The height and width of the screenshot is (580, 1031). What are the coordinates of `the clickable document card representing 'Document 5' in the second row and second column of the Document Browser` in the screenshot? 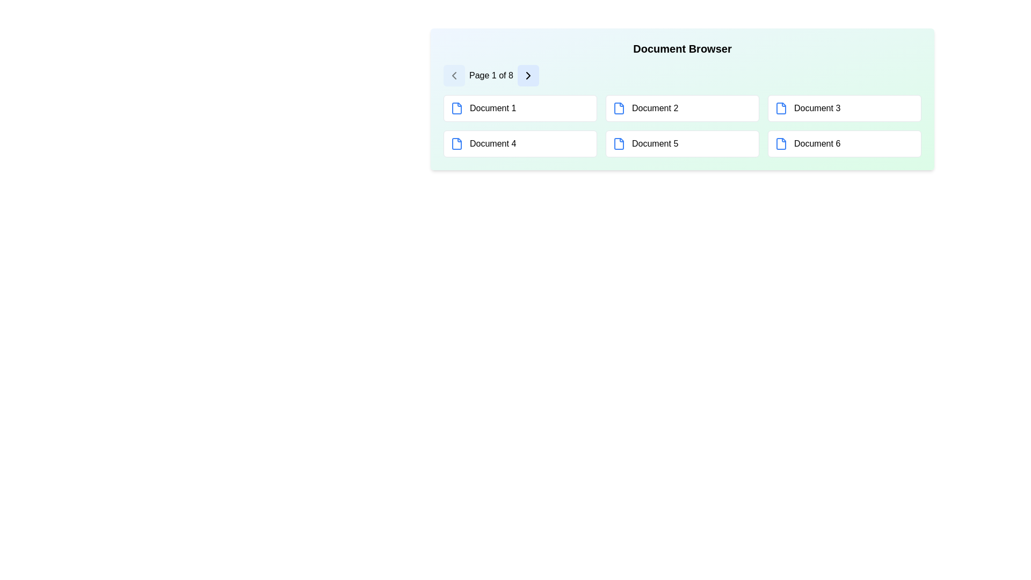 It's located at (682, 143).